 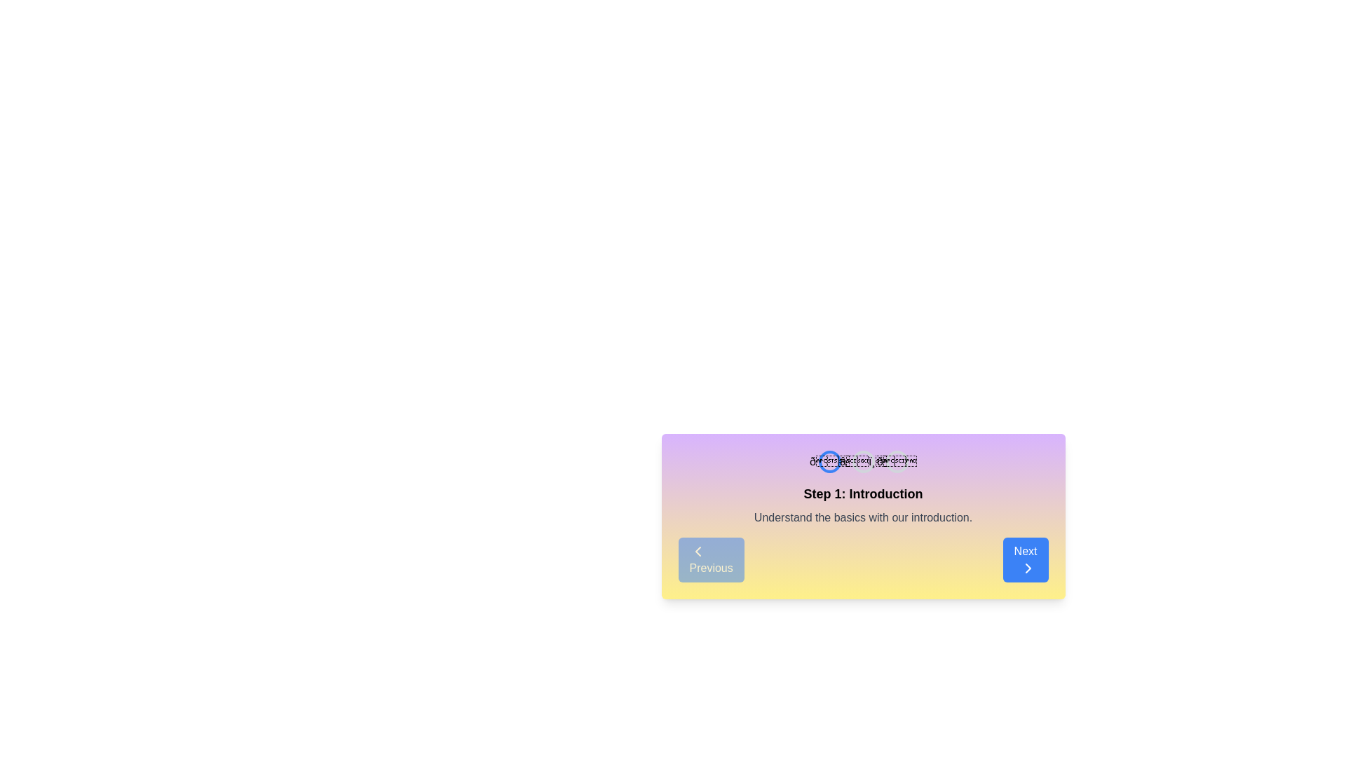 I want to click on the circular gear icon located above the section titled 'Step 1: Introduction', so click(x=862, y=462).